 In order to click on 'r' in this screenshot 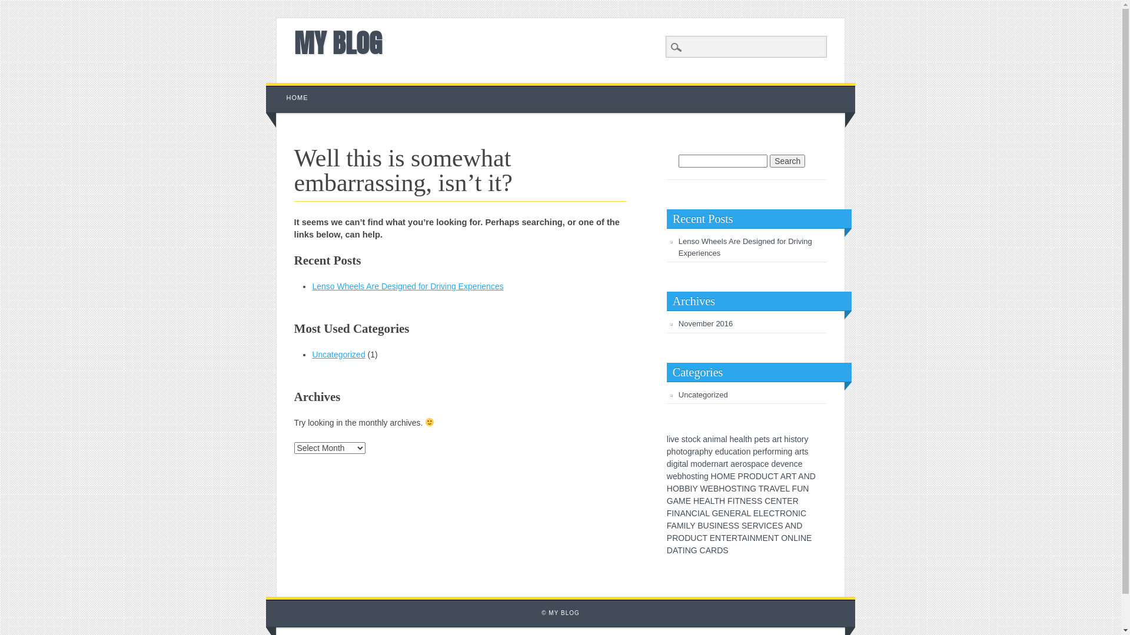, I will do `click(777, 439)`.